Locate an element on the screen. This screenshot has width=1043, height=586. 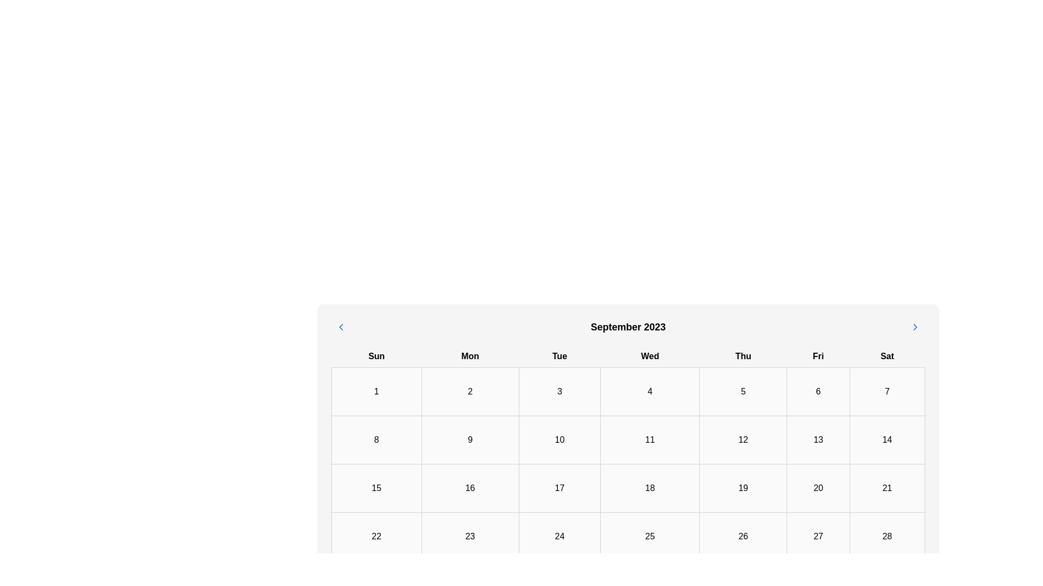
the leftward chevron arrow icon located on the left-hand side of the calendar interface is located at coordinates (341, 326).